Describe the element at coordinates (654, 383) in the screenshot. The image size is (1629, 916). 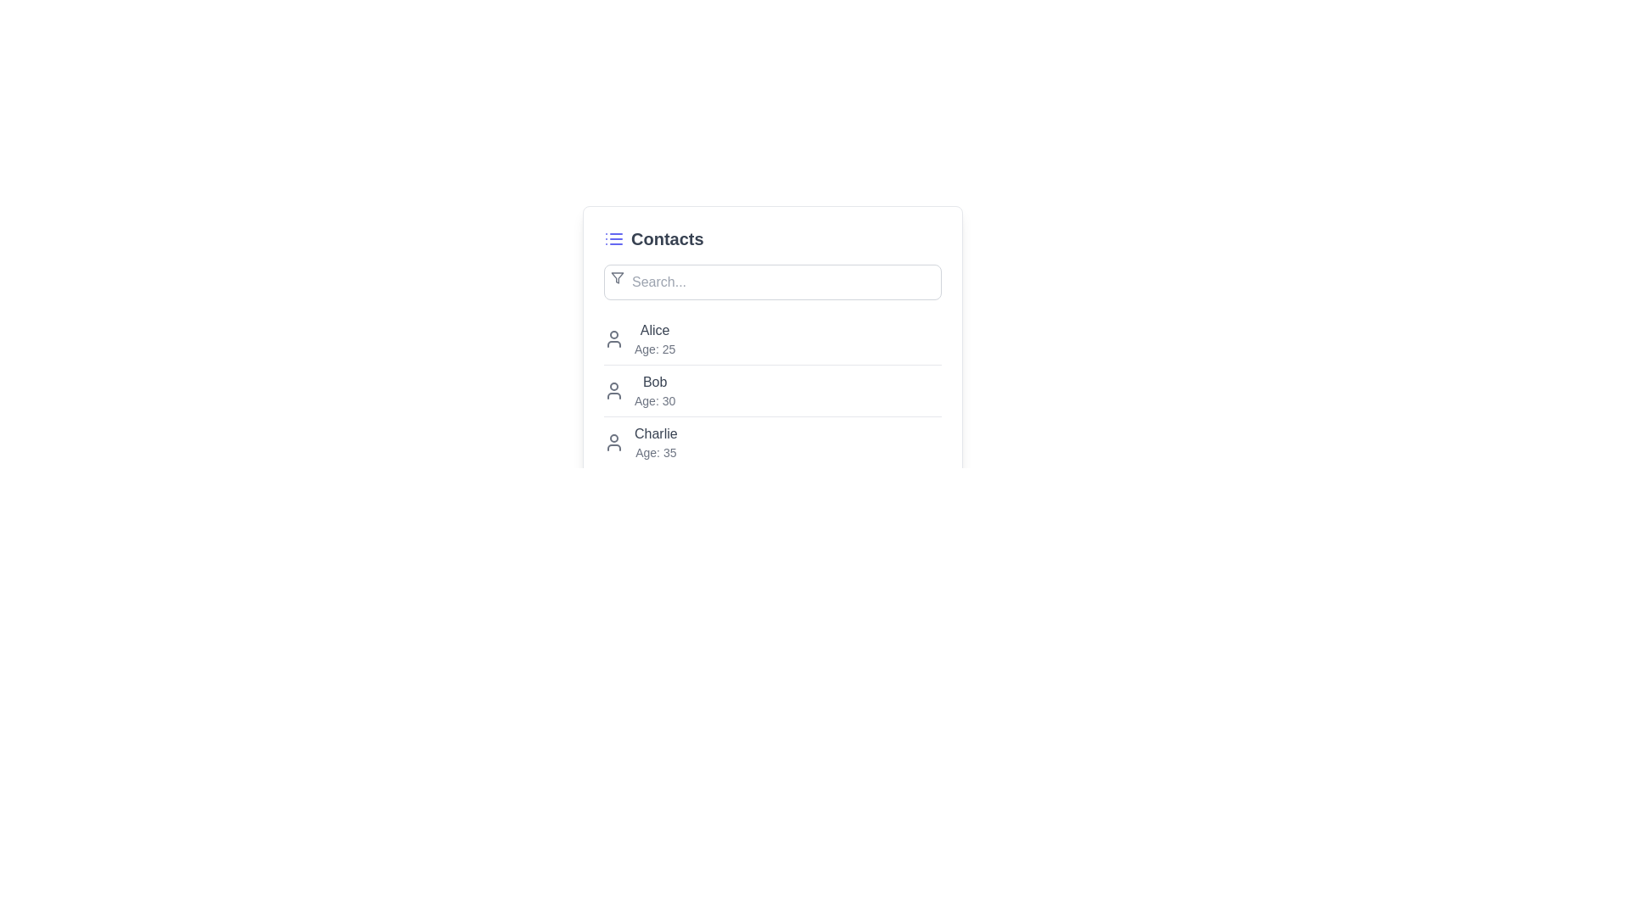
I see `the text label displaying the name 'Bob', which is styled in bold and dark color, located in the middle row of the contacts list` at that location.